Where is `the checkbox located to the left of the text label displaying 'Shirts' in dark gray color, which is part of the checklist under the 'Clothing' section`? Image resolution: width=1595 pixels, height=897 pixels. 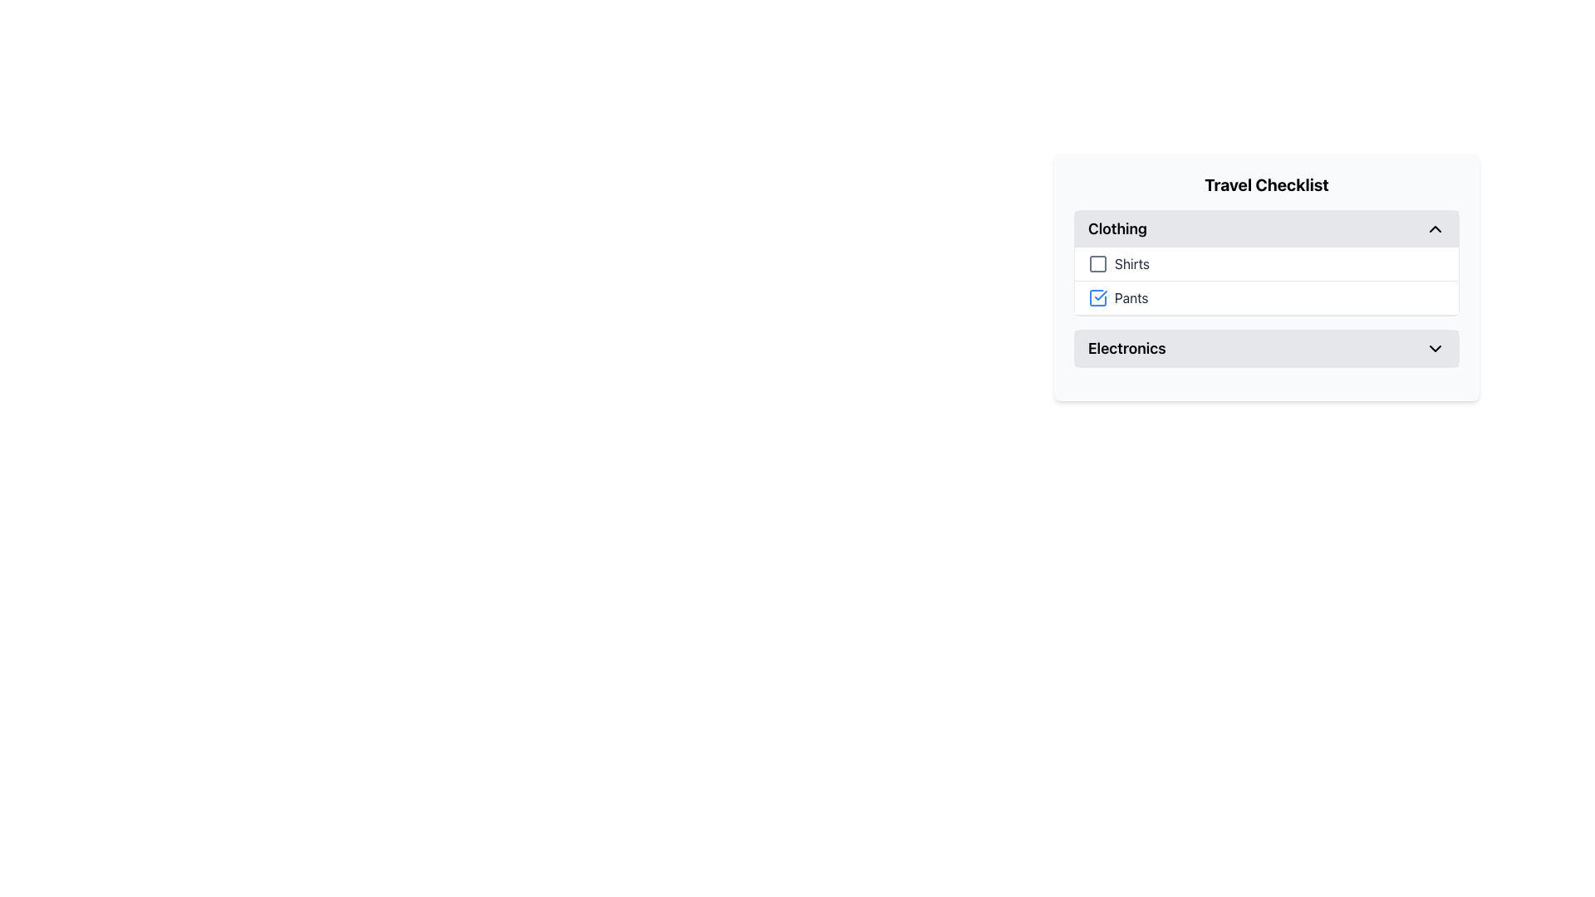
the checkbox located to the left of the text label displaying 'Shirts' in dark gray color, which is part of the checklist under the 'Clothing' section is located at coordinates (1101, 262).